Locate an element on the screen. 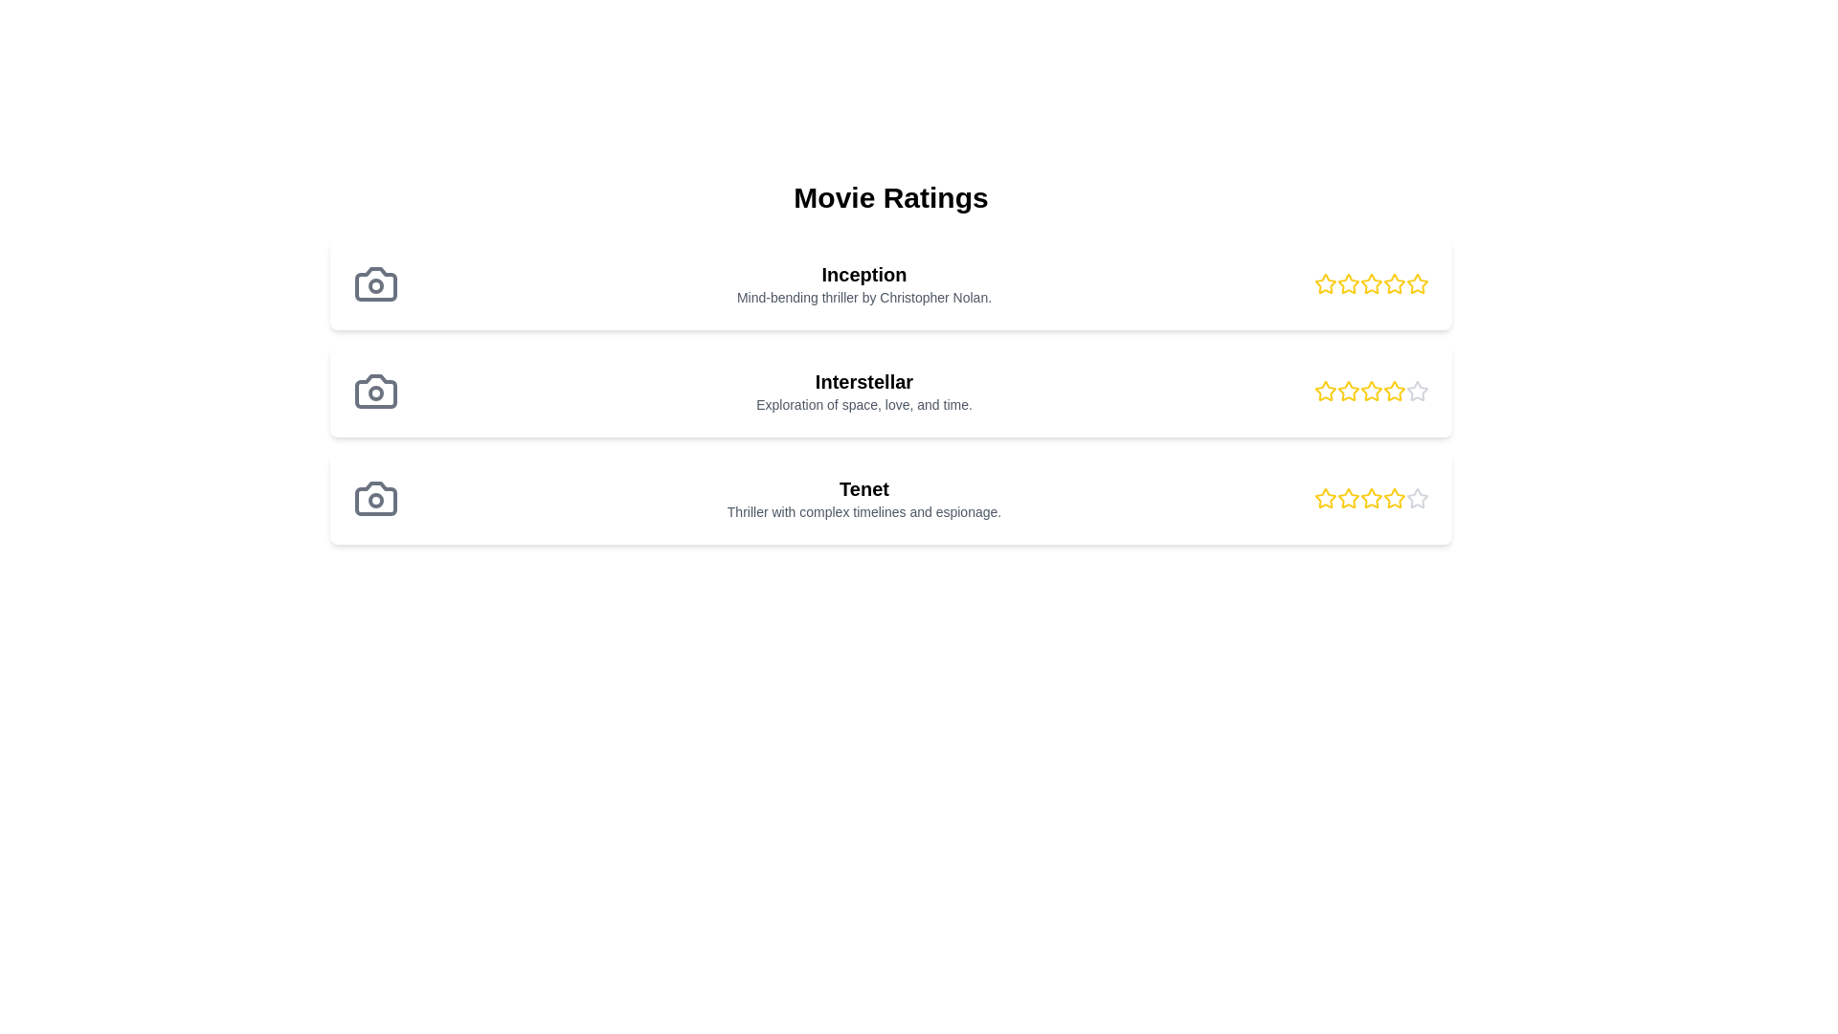 Image resolution: width=1838 pixels, height=1034 pixels. keyboard navigation is located at coordinates (1418, 497).